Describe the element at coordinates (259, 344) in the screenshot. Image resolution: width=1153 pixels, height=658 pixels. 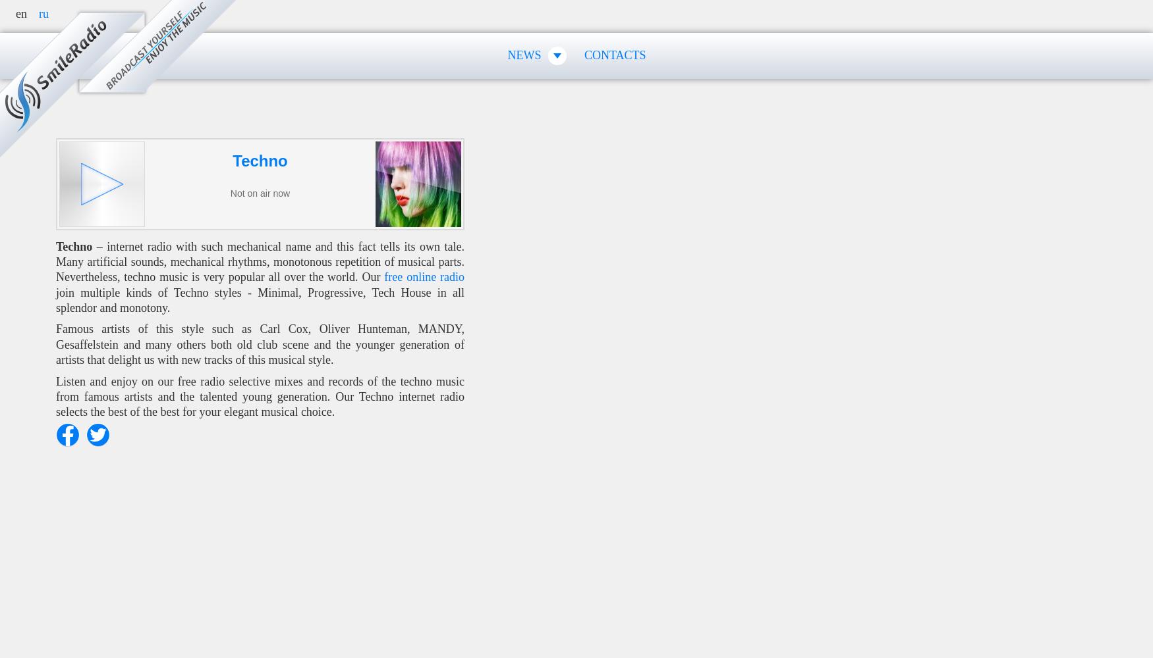
I see `'Famous artists of this style such as Carl Cox, Oliver Hunteman, MANDY, Gesaffelstein and many others both old club scene and the younger generation of artists that delight us with new tracks of this musical style.'` at that location.